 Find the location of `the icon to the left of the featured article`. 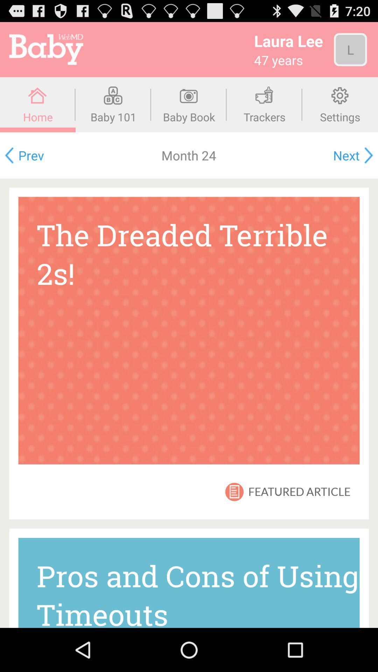

the icon to the left of the featured article is located at coordinates (234, 491).